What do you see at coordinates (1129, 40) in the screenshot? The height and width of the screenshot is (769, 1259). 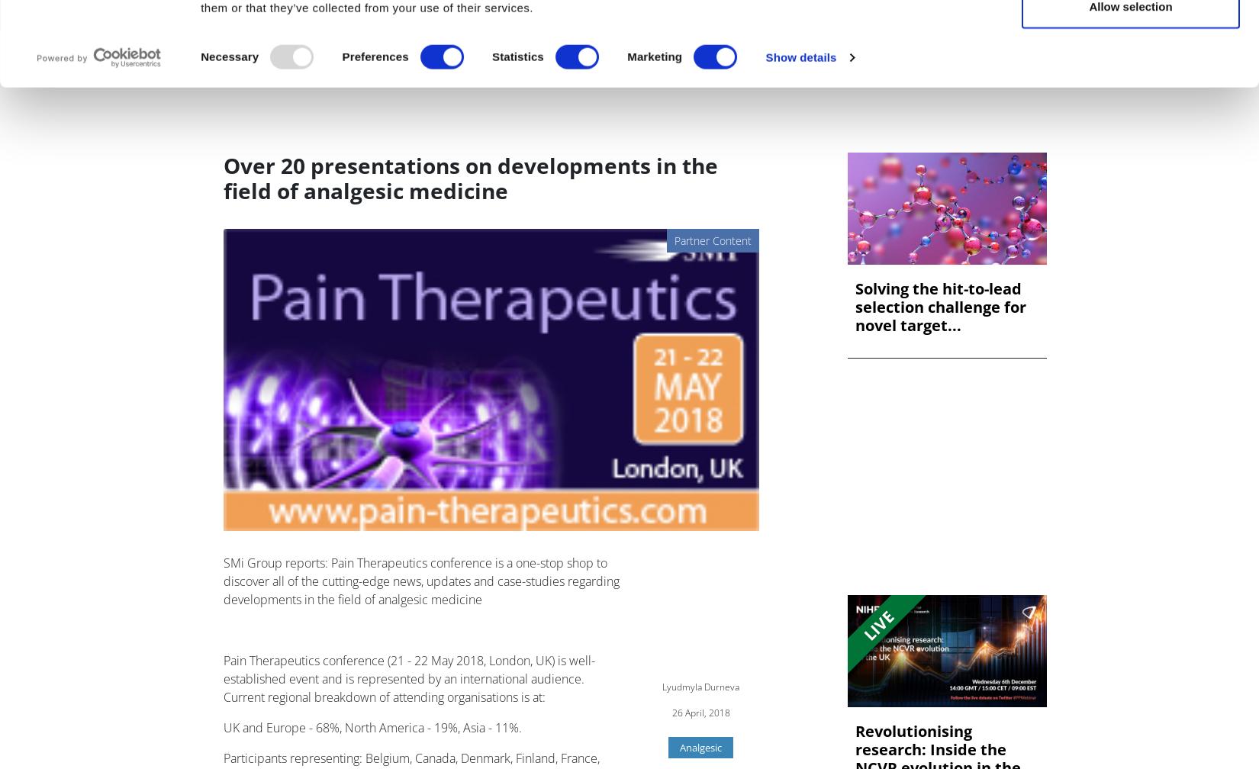 I see `'Allow all'` at bounding box center [1129, 40].